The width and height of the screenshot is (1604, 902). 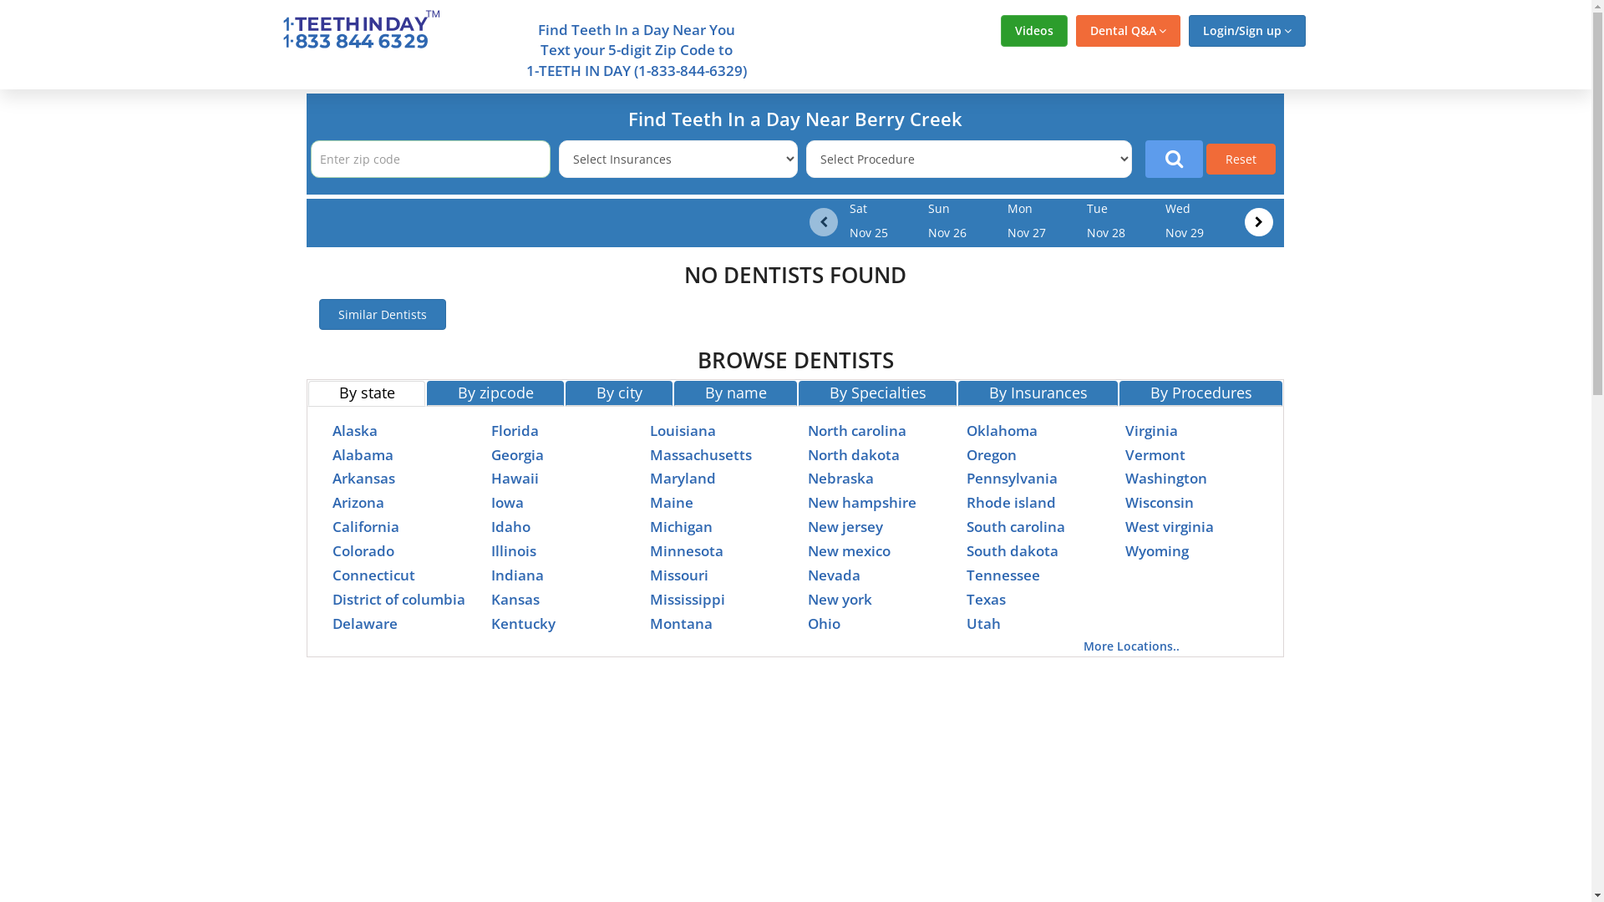 What do you see at coordinates (1169, 526) in the screenshot?
I see `'West virginia'` at bounding box center [1169, 526].